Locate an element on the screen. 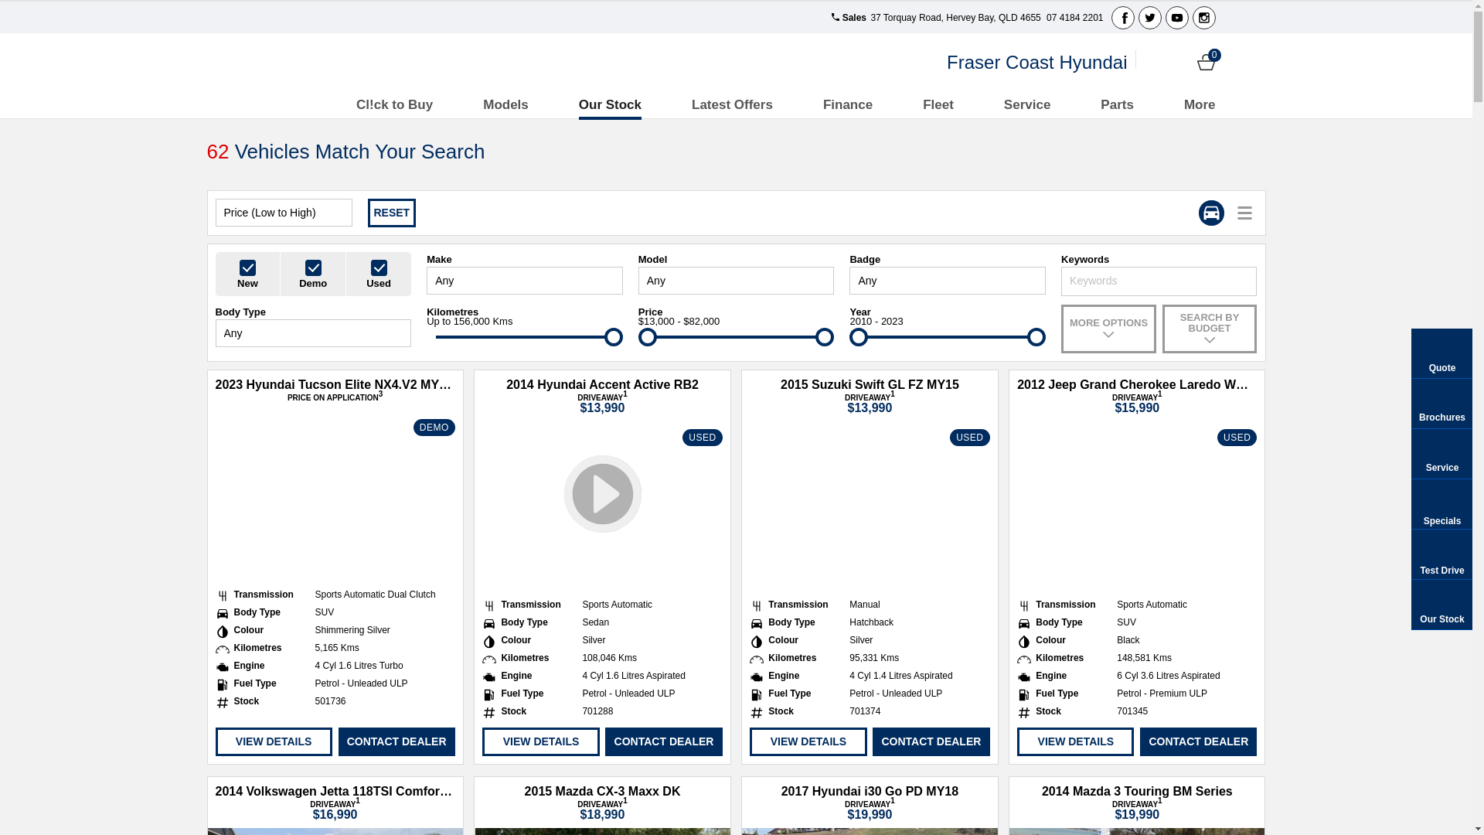 This screenshot has height=835, width=1484. 'DRIVEAWAY1 is located at coordinates (542, 401).